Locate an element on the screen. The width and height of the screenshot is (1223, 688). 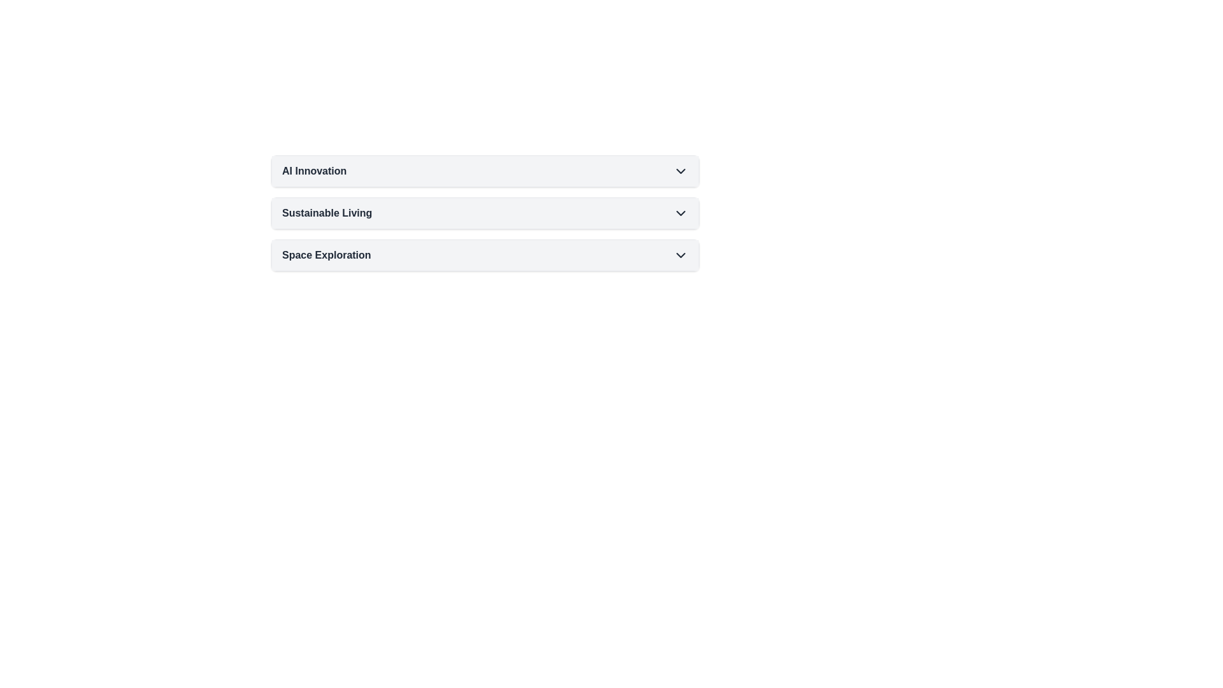
the downward-pointing chevron icon of the Dropdown Indicator located at the far-right side of the 'AI Innovation' section is located at coordinates (680, 171).